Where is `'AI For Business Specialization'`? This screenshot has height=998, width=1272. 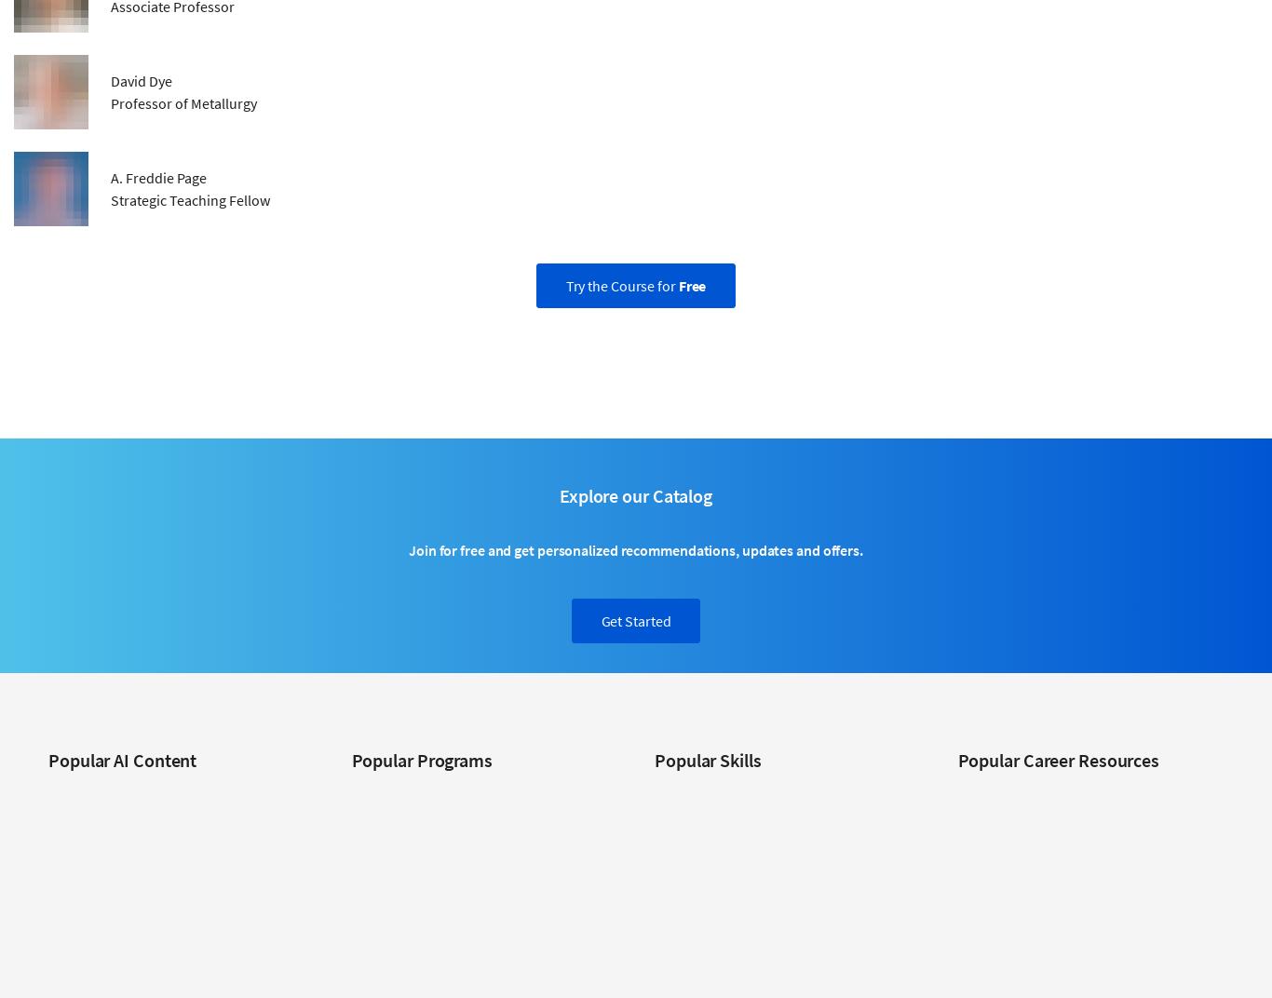 'AI For Business Specialization' is located at coordinates (129, 792).